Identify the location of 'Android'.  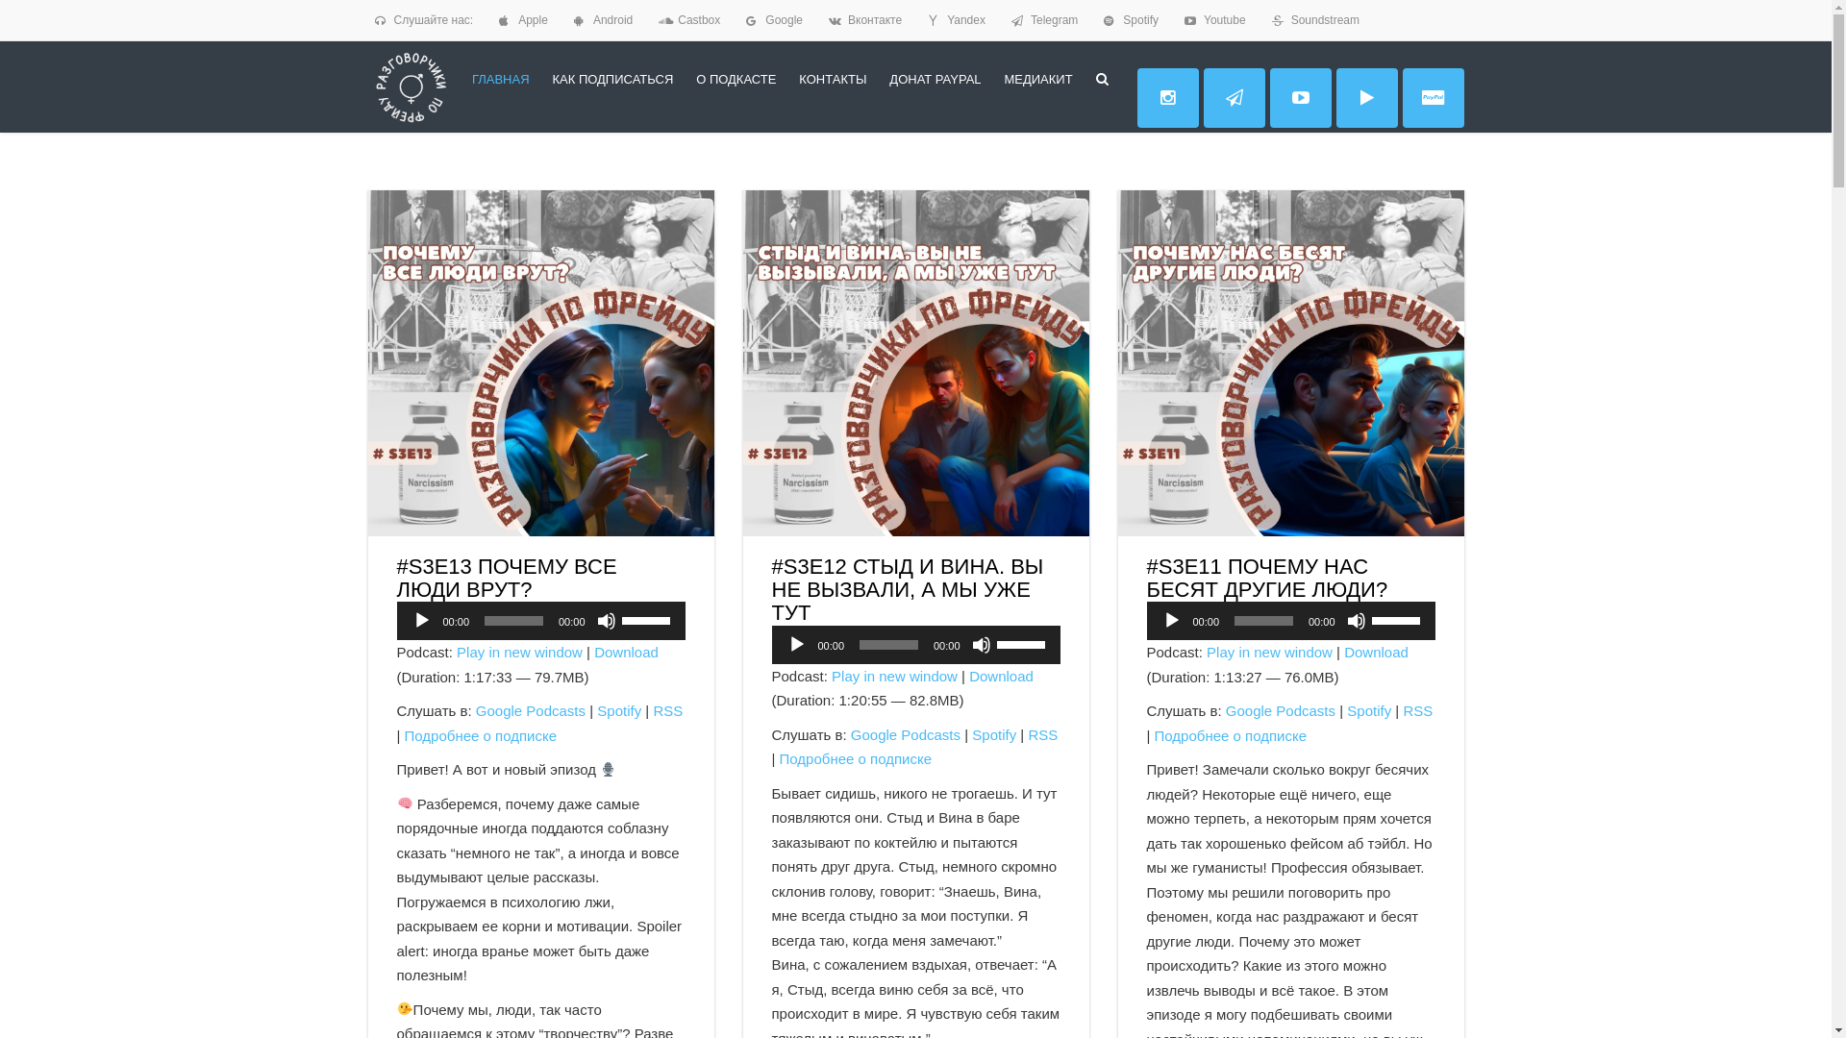
(611, 19).